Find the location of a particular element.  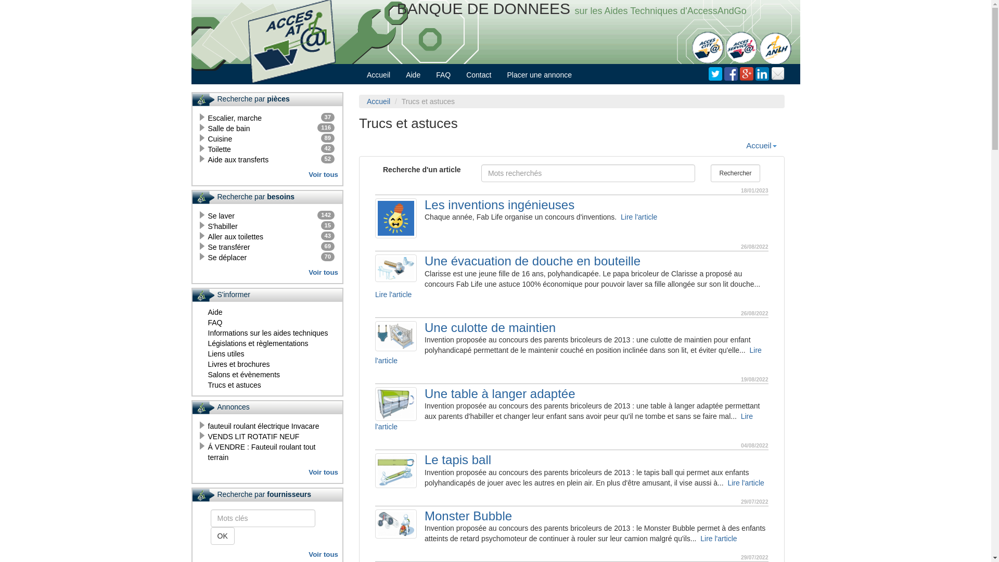

'Liens utiles' is located at coordinates (226, 353).